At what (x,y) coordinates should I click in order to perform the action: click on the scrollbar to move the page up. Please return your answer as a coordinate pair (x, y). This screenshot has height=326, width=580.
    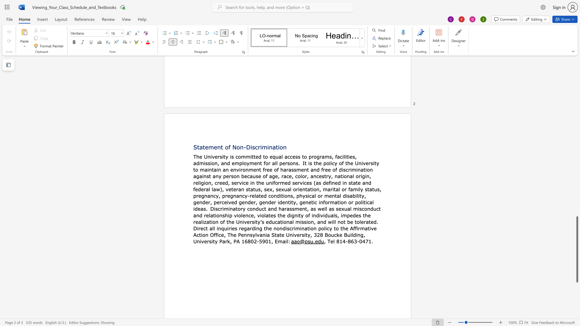
    Looking at the image, I should click on (577, 112).